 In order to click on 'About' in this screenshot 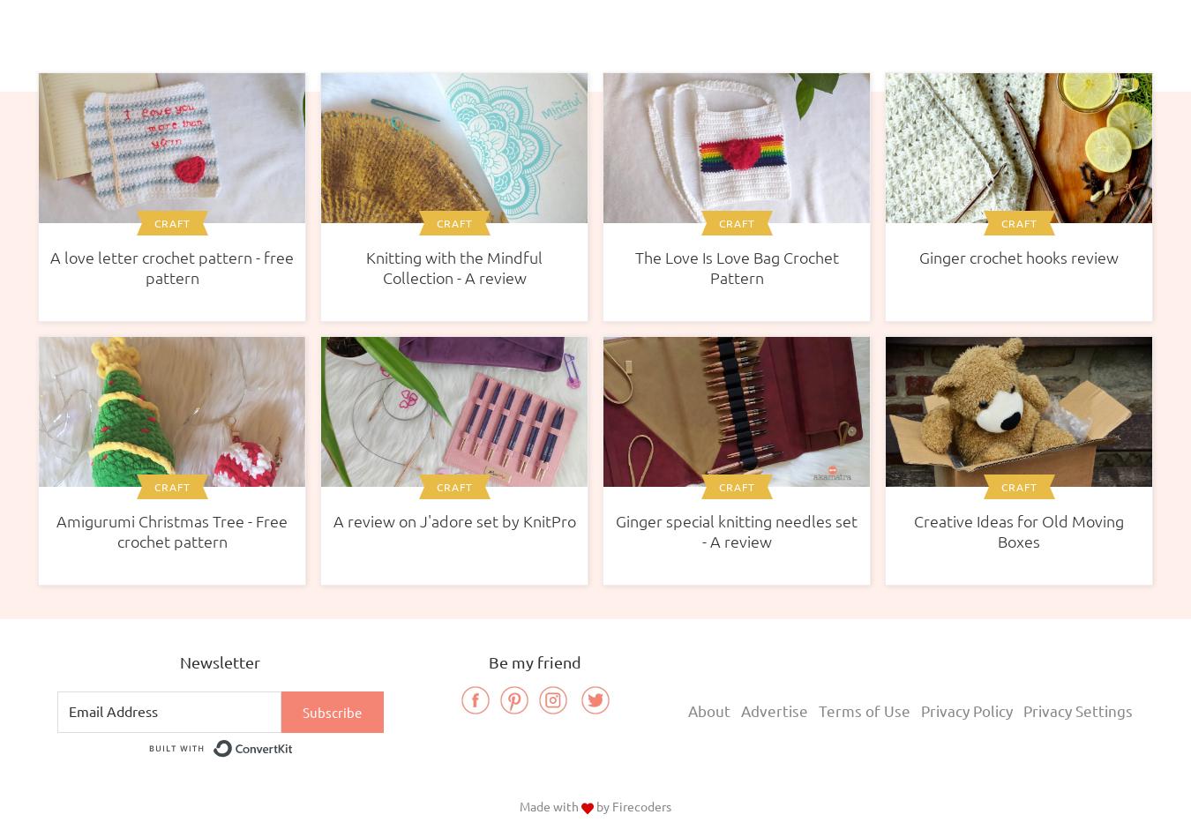, I will do `click(709, 709)`.